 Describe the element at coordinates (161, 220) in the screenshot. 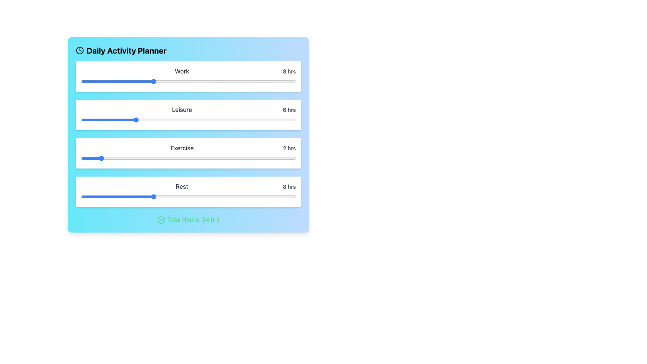

I see `the completion checkmark icon indicating correctness for the 'Total Hours: 24 hrs' text, located slightly left of center at the bottom section of the interface` at that location.